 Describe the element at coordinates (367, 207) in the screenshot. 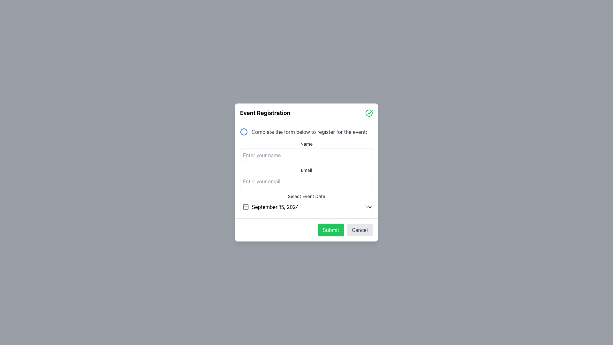

I see `the dropdown icon located at the right end of the date selection input field` at that location.